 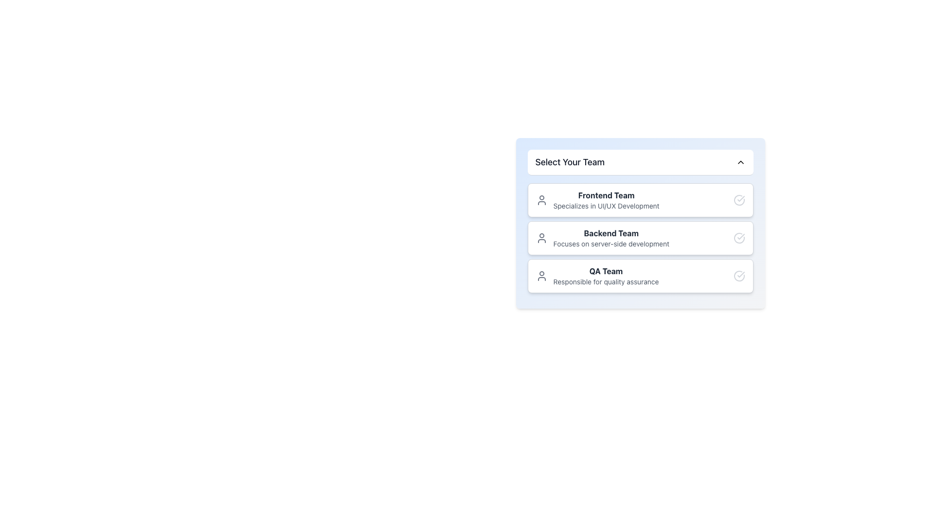 I want to click on descriptive text 'Responsible for quality assurance' located below the 'QA Team' title in the last list item of the 'Select Your Team' section, so click(x=606, y=281).